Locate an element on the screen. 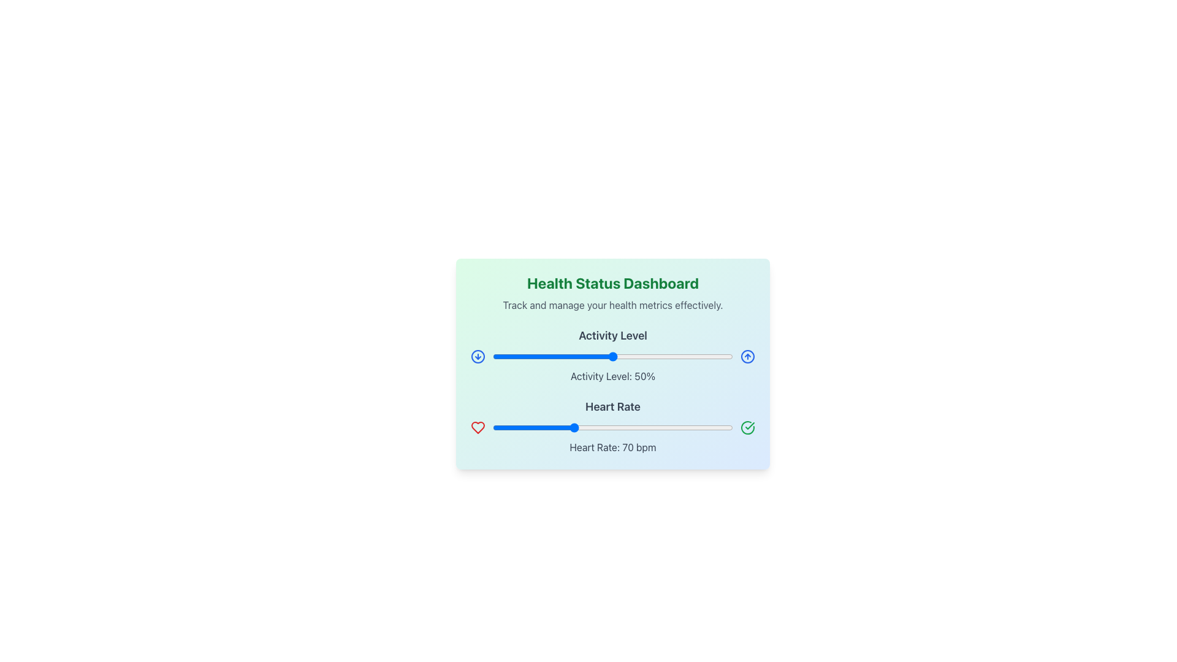 The width and height of the screenshot is (1177, 662). heart rate is located at coordinates (511, 427).